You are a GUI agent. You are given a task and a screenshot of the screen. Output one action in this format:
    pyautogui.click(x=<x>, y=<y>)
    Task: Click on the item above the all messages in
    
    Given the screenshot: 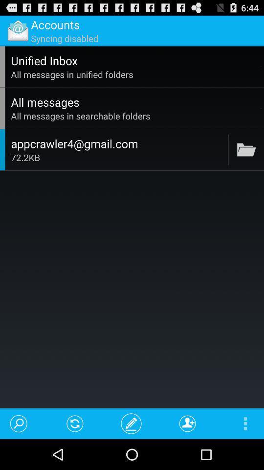 What is the action you would take?
    pyautogui.click(x=261, y=66)
    